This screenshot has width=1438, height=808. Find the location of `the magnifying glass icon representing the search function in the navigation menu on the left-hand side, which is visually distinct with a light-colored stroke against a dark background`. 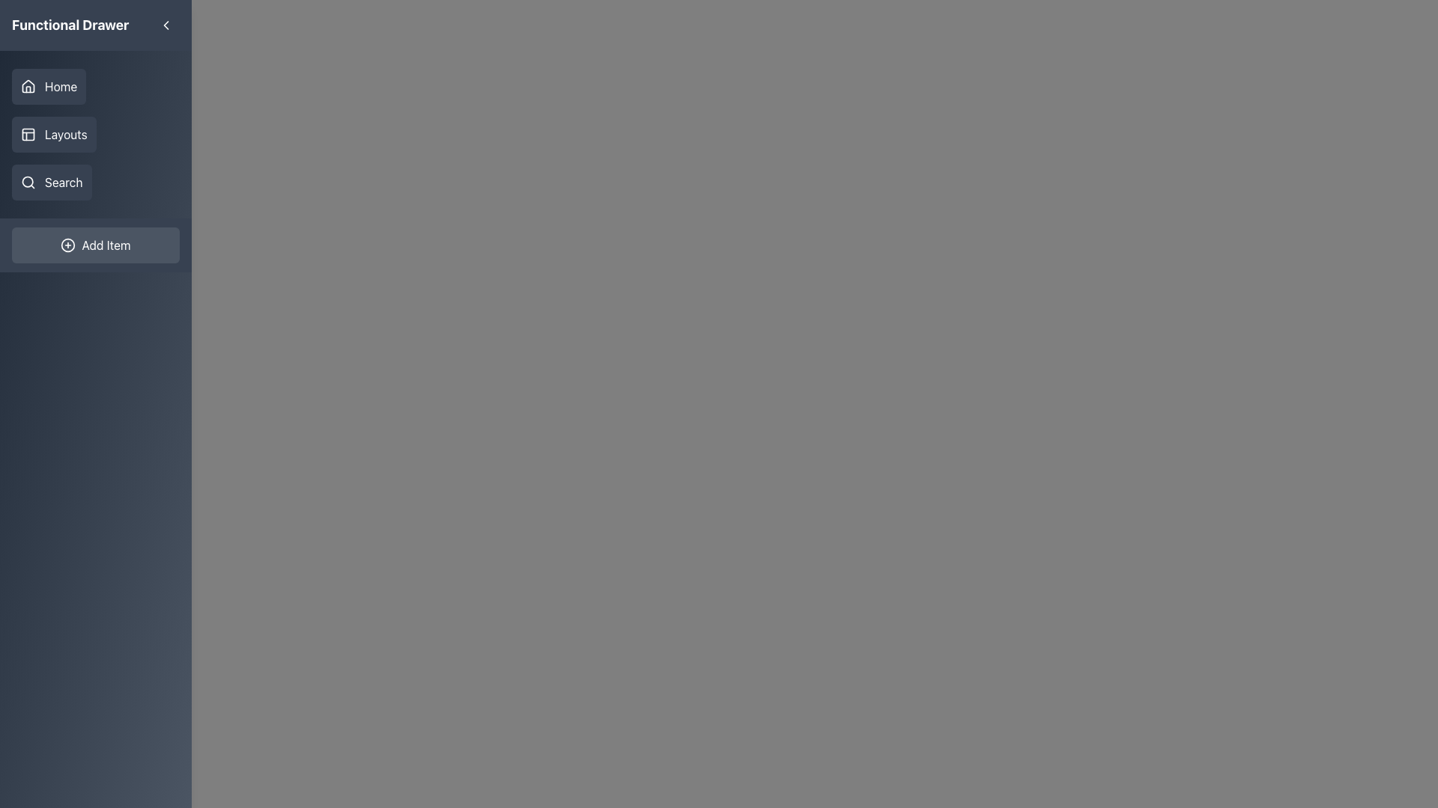

the magnifying glass icon representing the search function in the navigation menu on the left-hand side, which is visually distinct with a light-colored stroke against a dark background is located at coordinates (28, 181).